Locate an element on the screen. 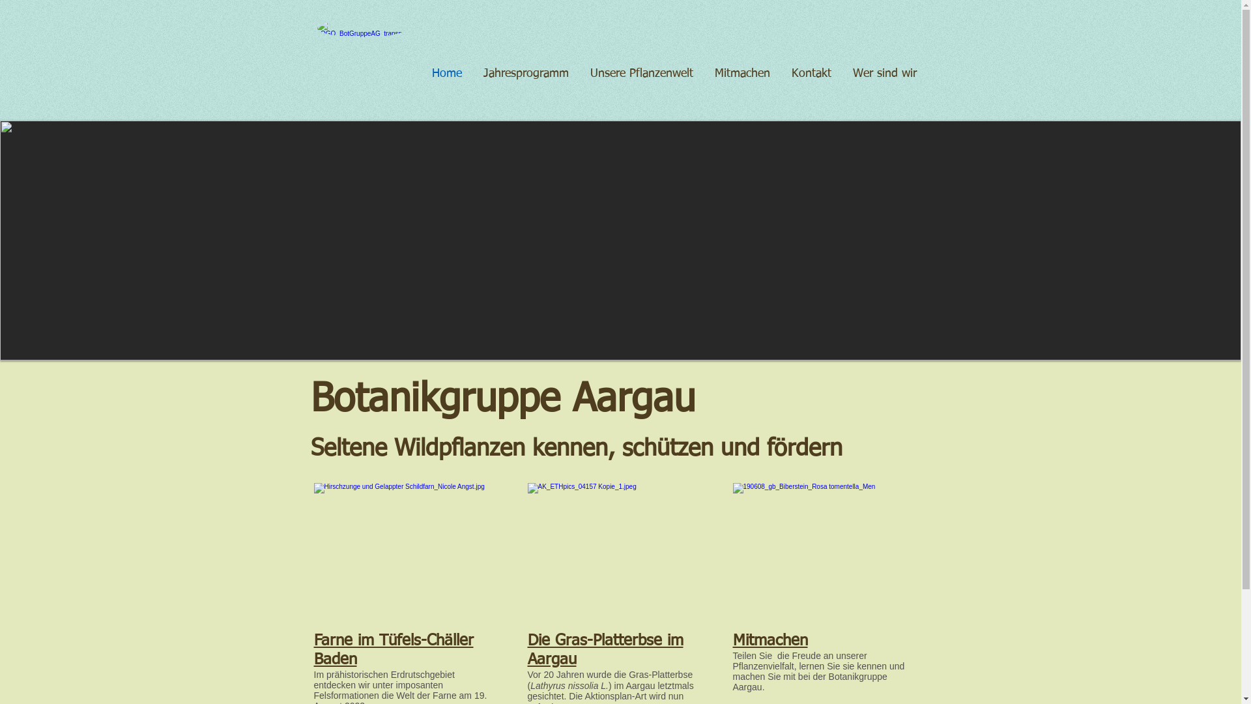 Image resolution: width=1251 pixels, height=704 pixels. 'Jahresprogramm' is located at coordinates (471, 74).